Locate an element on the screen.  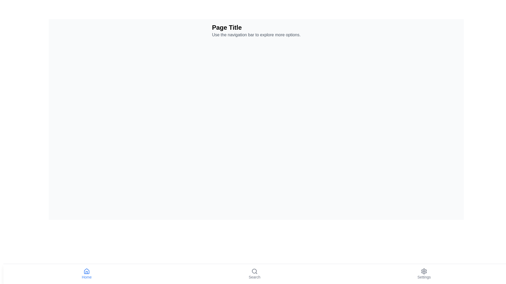
the 'Home' navigation icon represented by a house icon with a pointed roof located in the bottom bar of the interface is located at coordinates (87, 271).